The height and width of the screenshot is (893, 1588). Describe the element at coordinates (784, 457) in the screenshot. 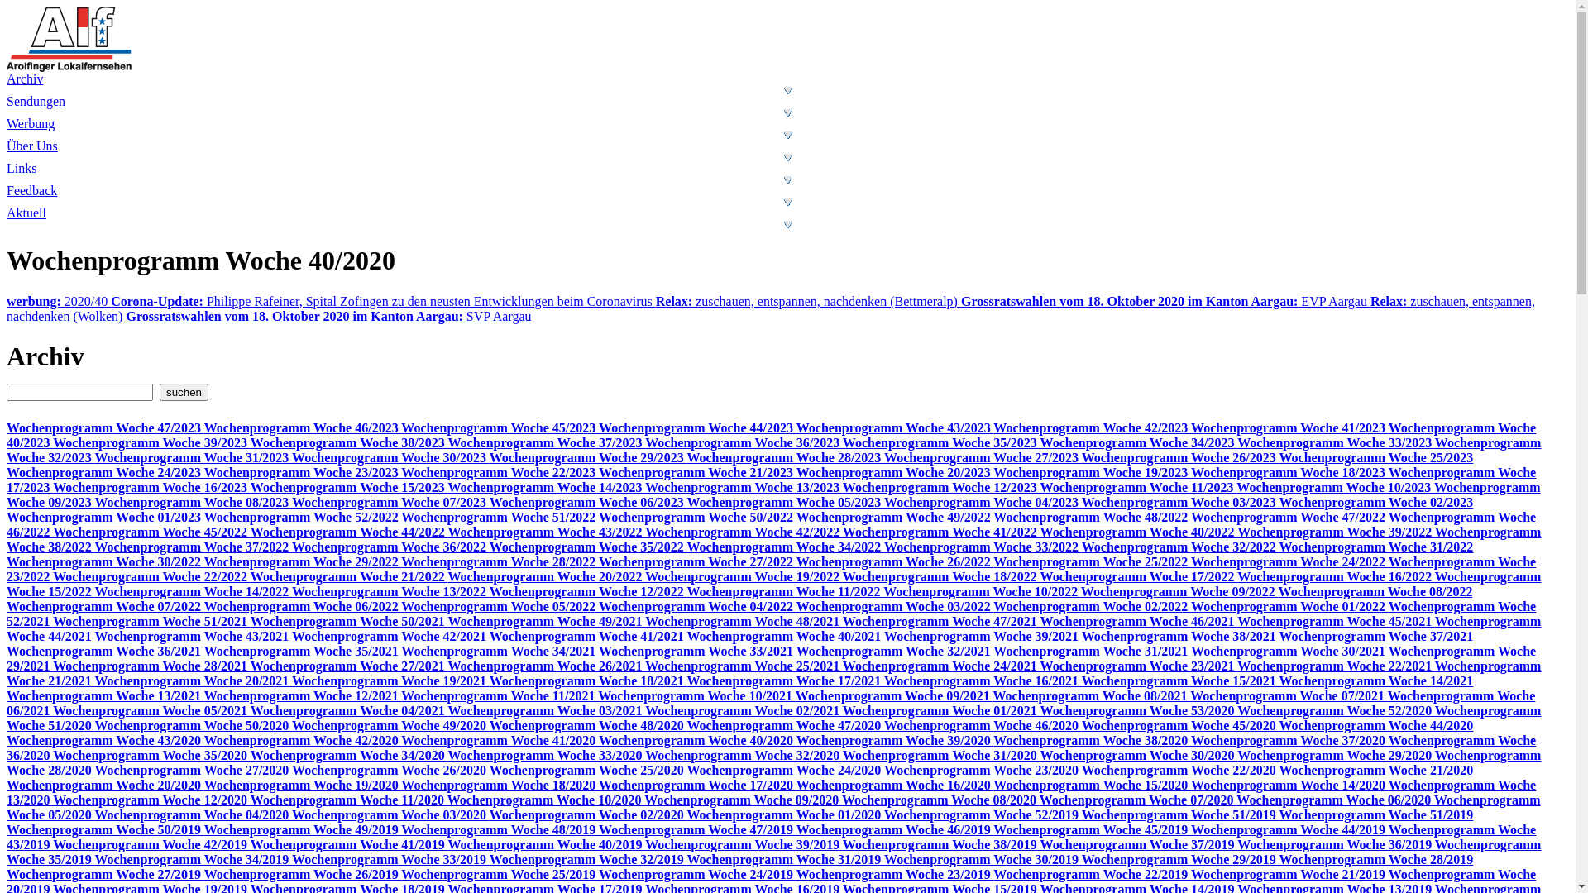

I see `'Wochenprogramm Woche 28/2023'` at that location.